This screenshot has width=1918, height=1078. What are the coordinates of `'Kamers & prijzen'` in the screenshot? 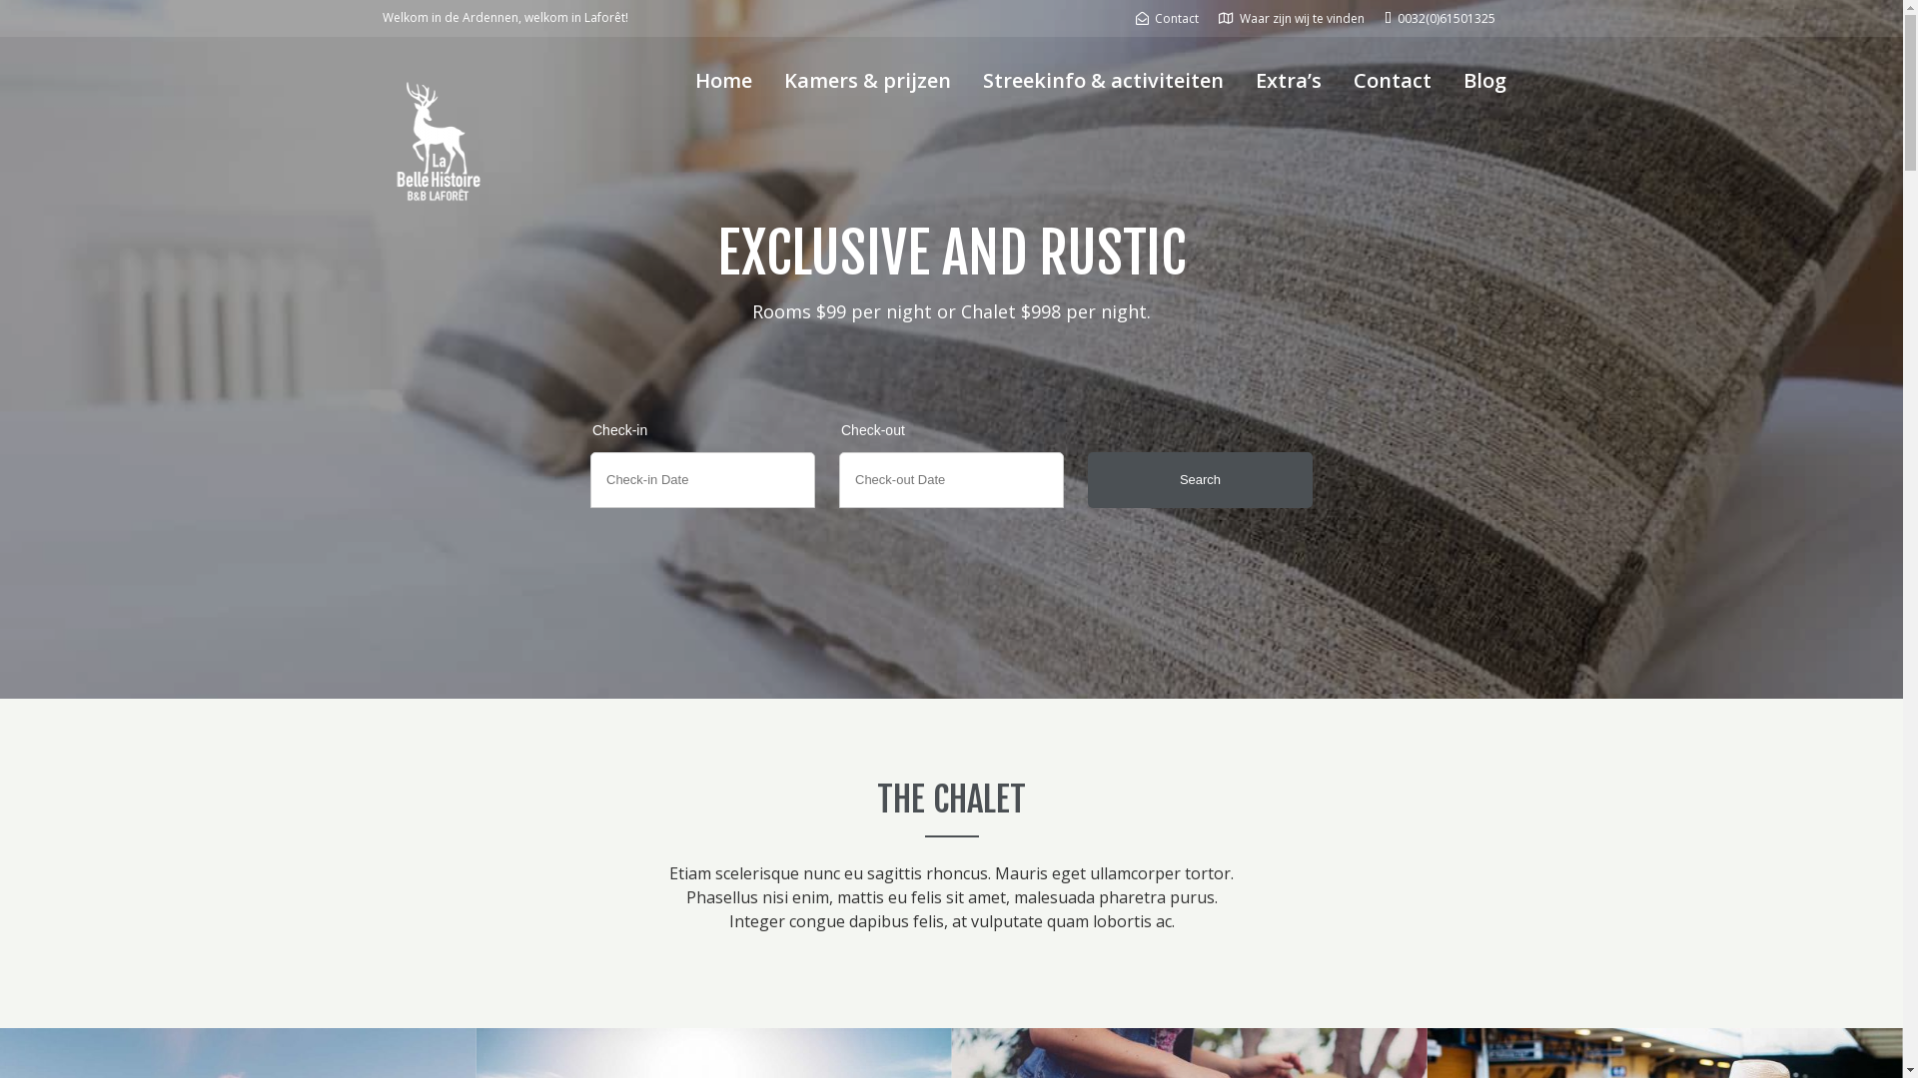 It's located at (781, 80).